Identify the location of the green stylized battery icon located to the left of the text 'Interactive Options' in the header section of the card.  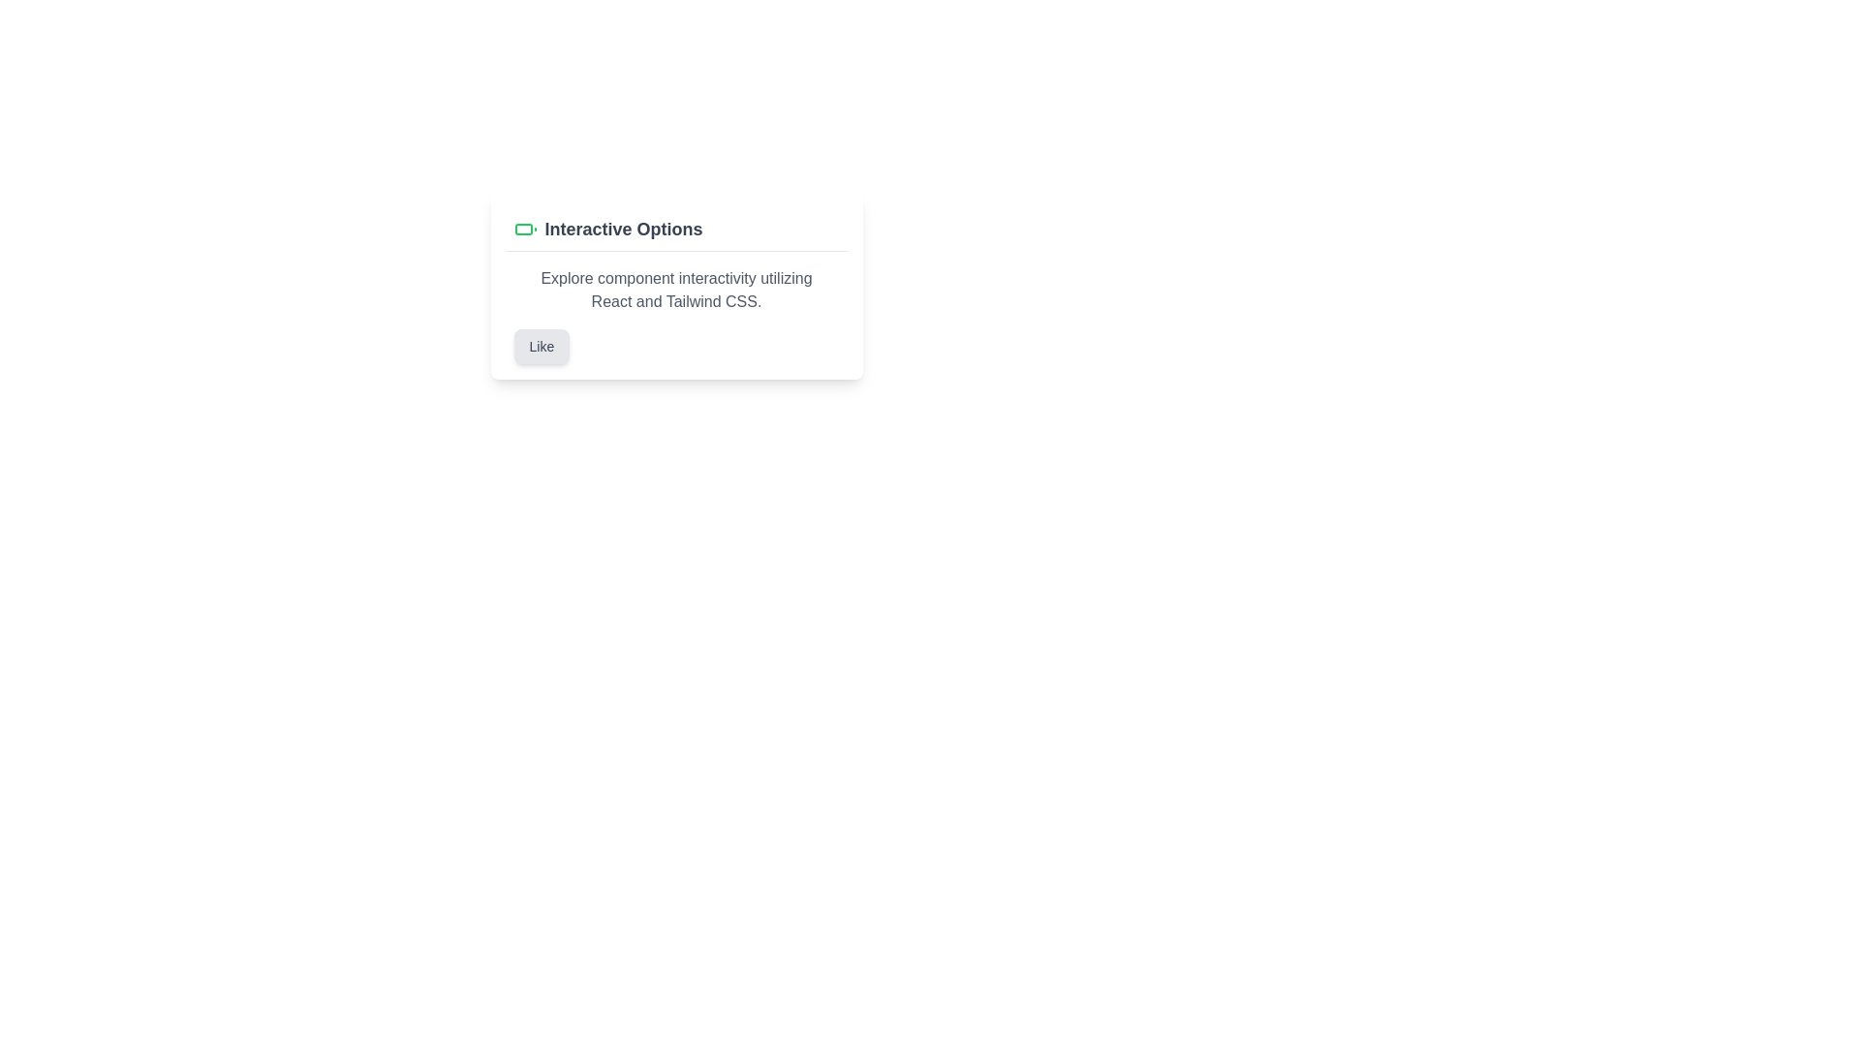
(525, 228).